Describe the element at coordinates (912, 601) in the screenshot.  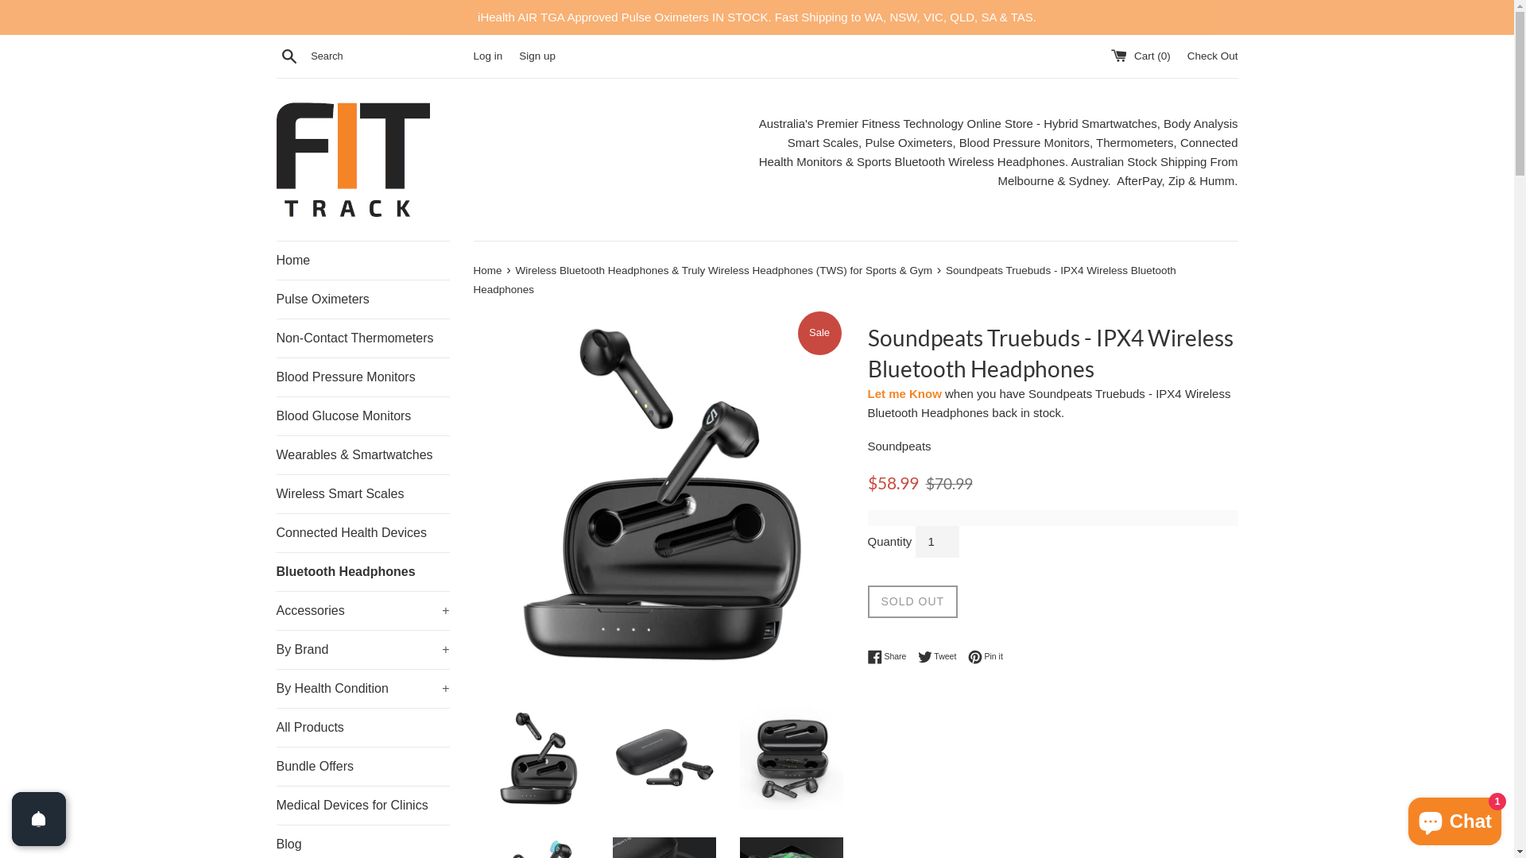
I see `'SOLD OUT'` at that location.